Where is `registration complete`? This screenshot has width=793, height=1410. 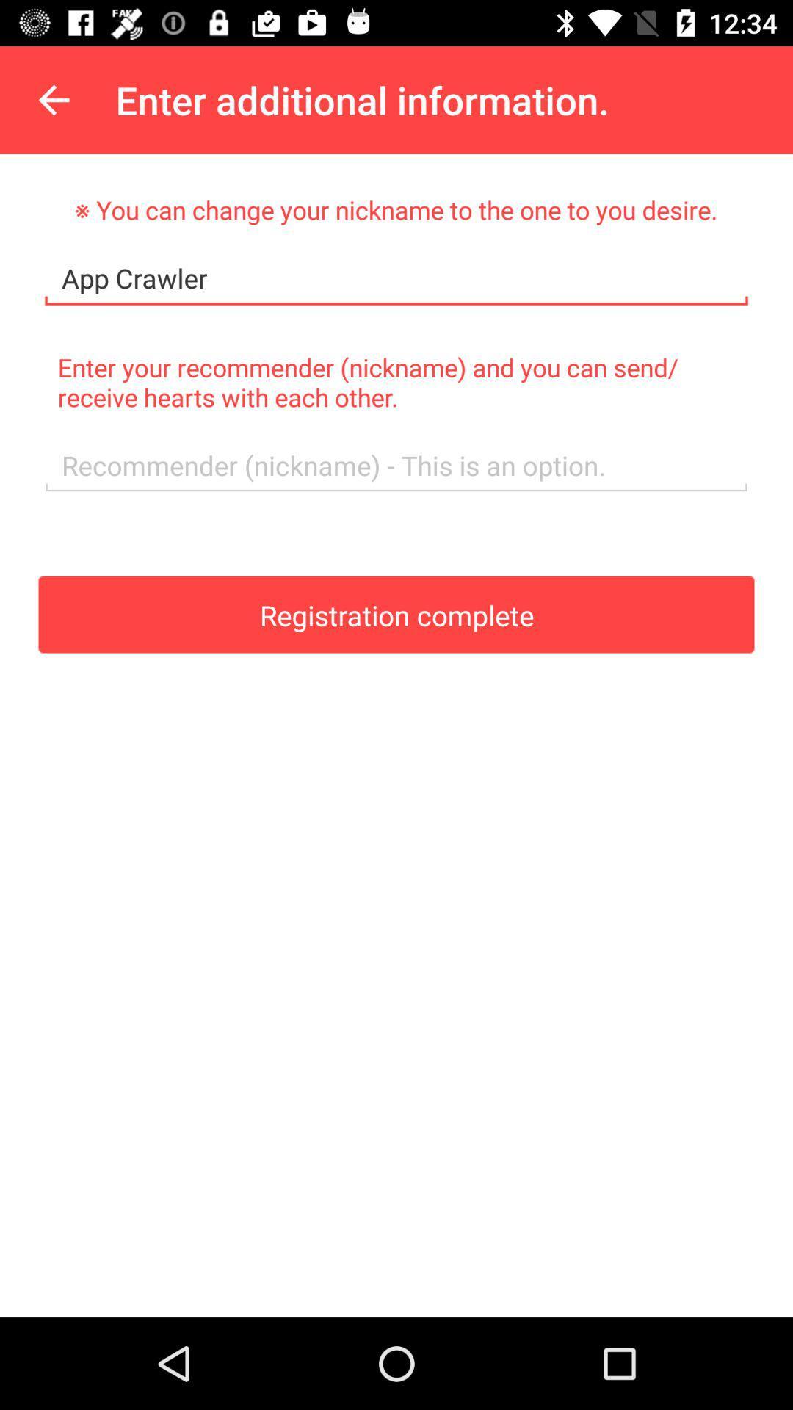 registration complete is located at coordinates (396, 614).